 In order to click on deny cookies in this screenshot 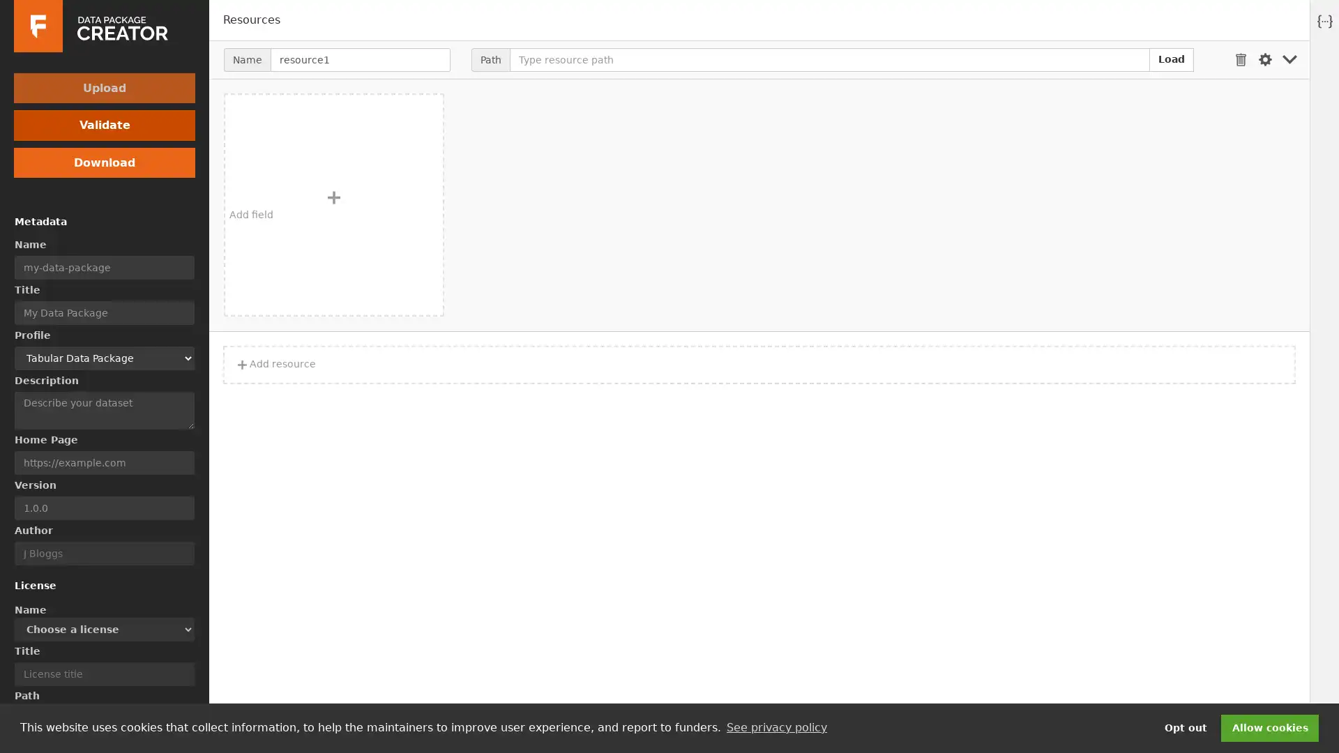, I will do `click(1184, 727)`.